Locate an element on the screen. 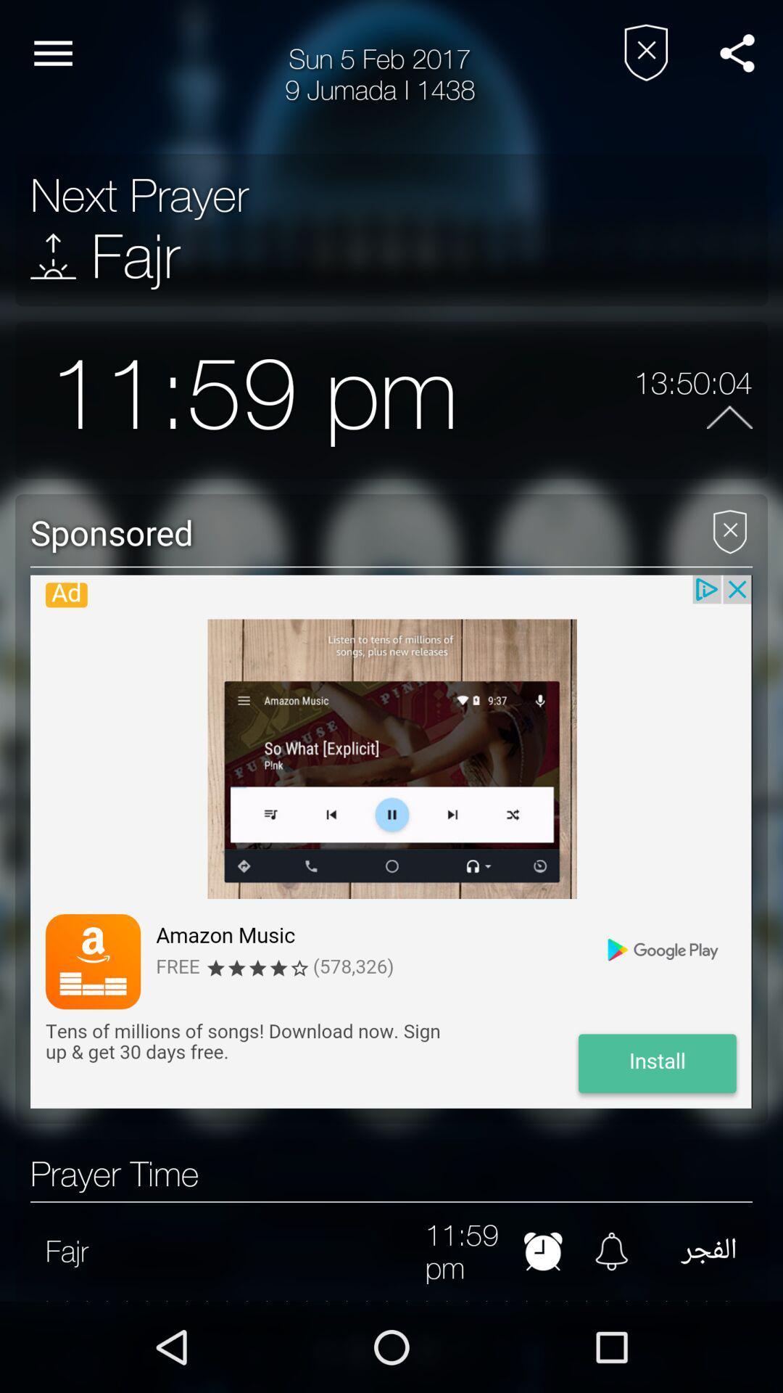  item below the 11:59 pm icon is located at coordinates (391, 1301).